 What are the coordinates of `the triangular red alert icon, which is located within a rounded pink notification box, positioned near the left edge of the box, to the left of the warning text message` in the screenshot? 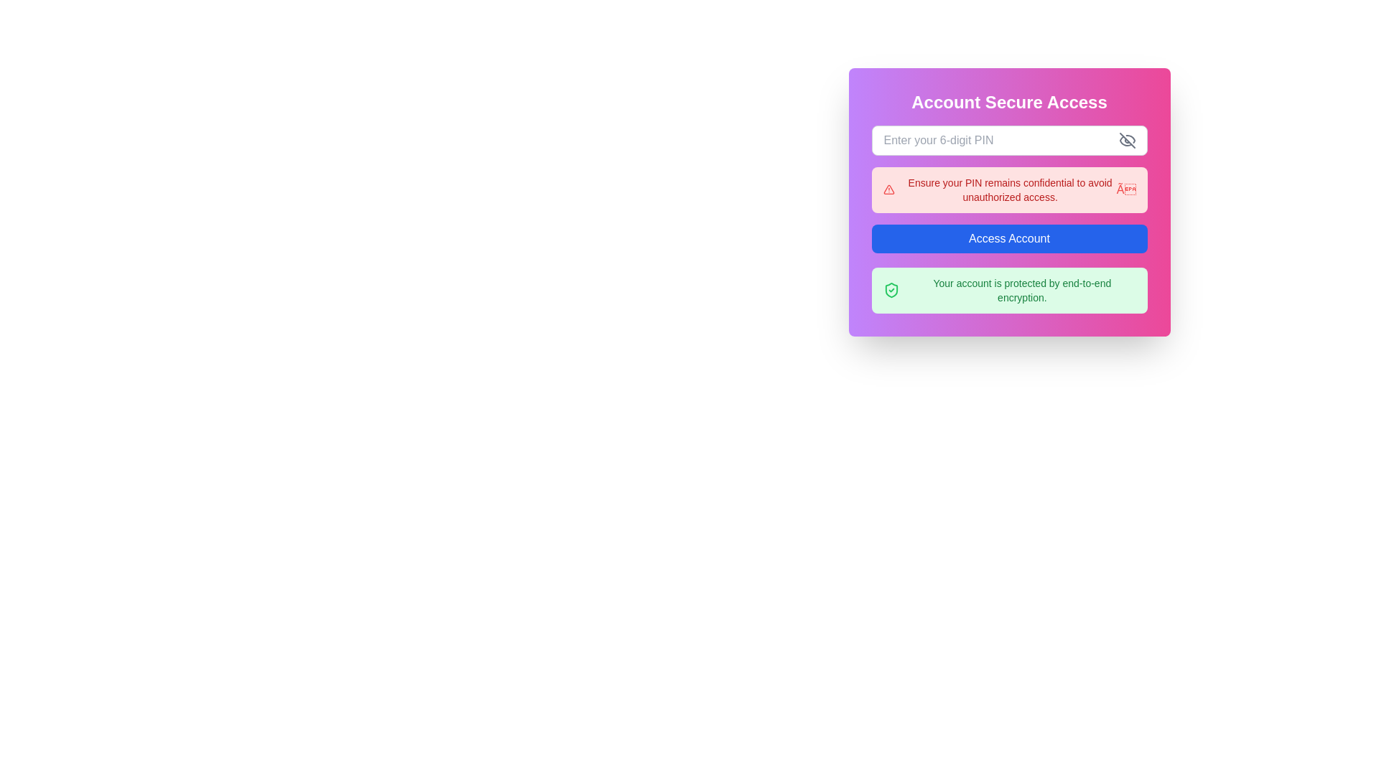 It's located at (888, 189).